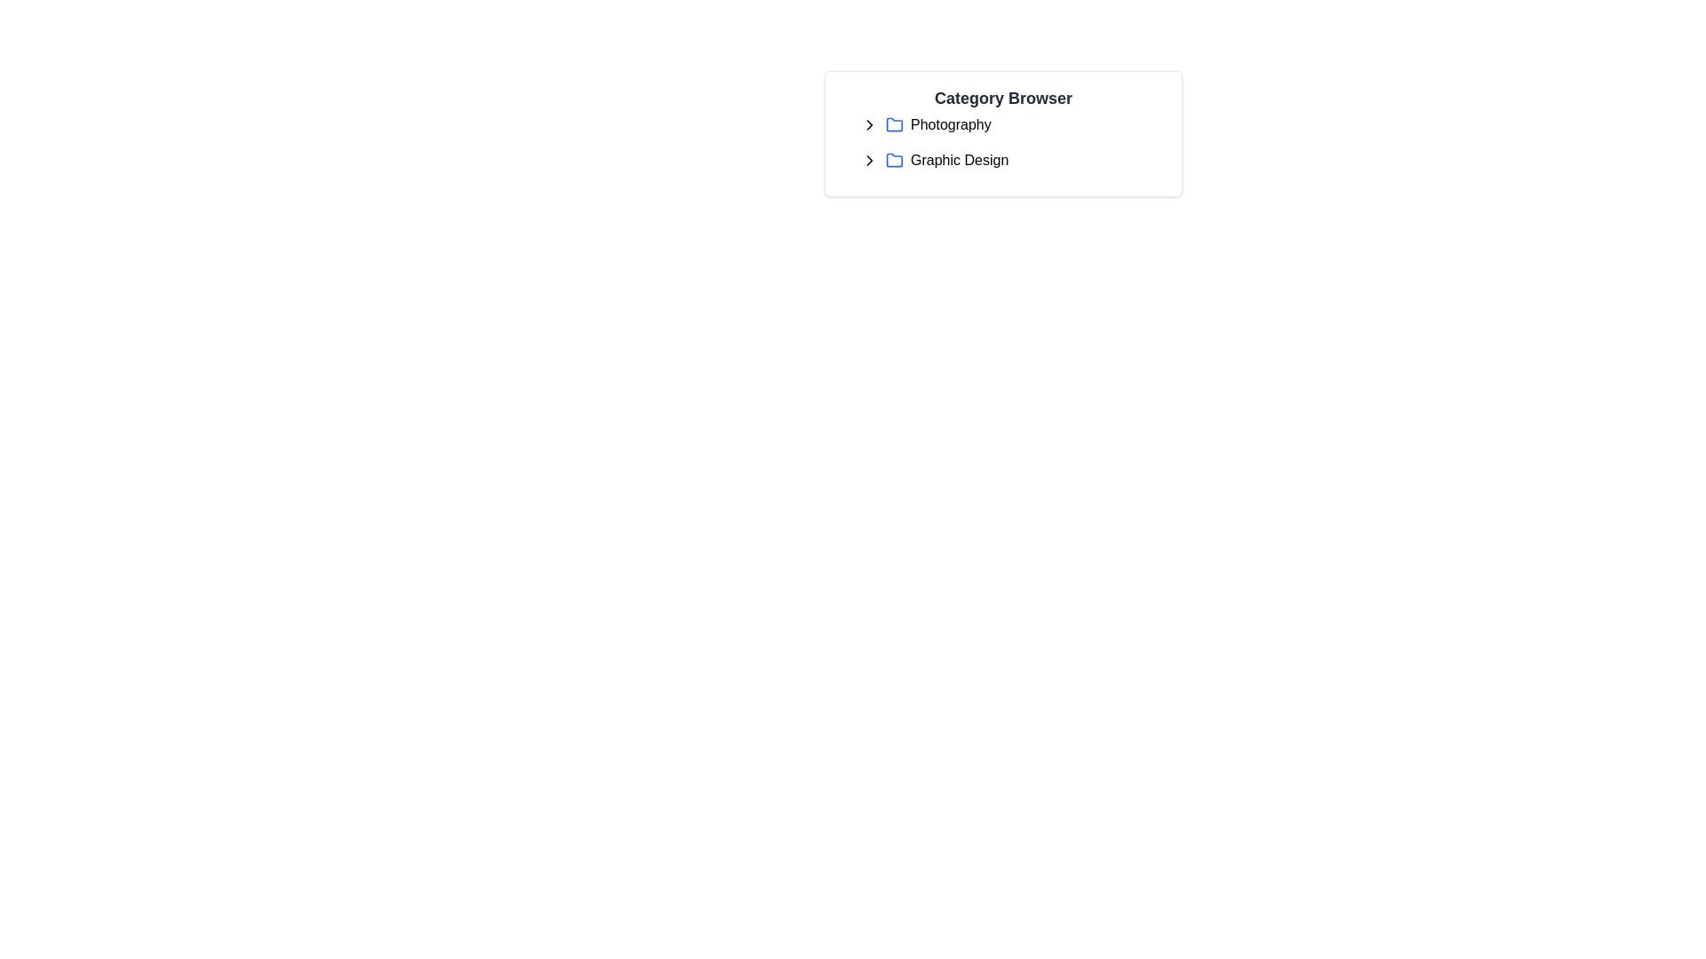 Image resolution: width=1706 pixels, height=959 pixels. What do you see at coordinates (1010, 124) in the screenshot?
I see `the first list item in the category browser` at bounding box center [1010, 124].